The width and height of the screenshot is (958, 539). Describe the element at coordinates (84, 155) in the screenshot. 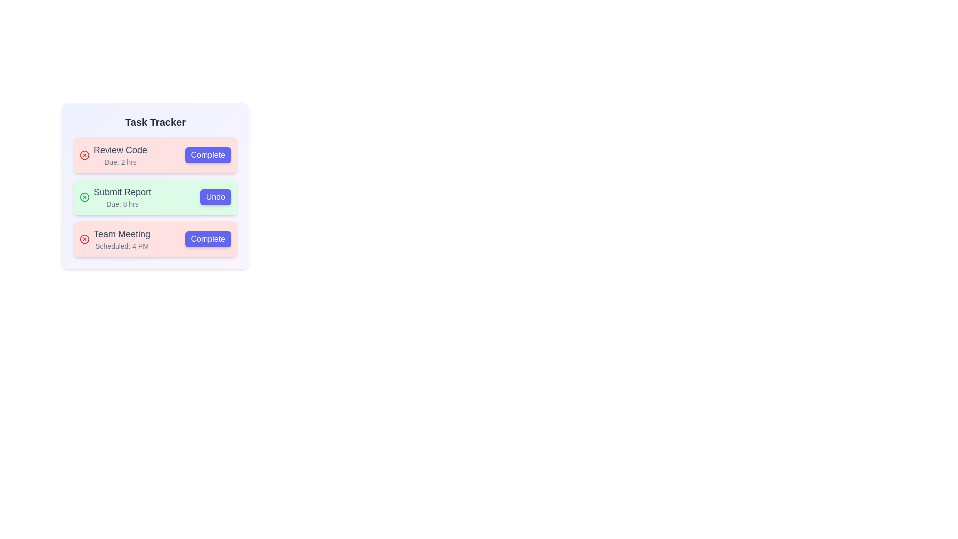

I see `the icon of a task to explore its significance` at that location.